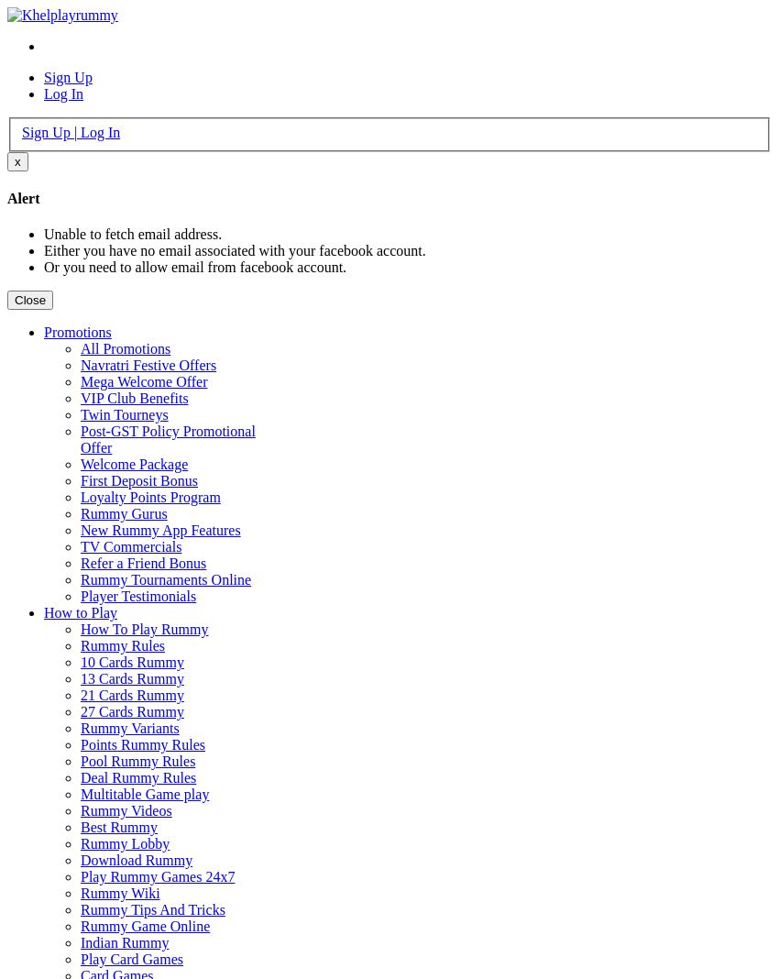  Describe the element at coordinates (68, 76) in the screenshot. I see `'Sign Up'` at that location.